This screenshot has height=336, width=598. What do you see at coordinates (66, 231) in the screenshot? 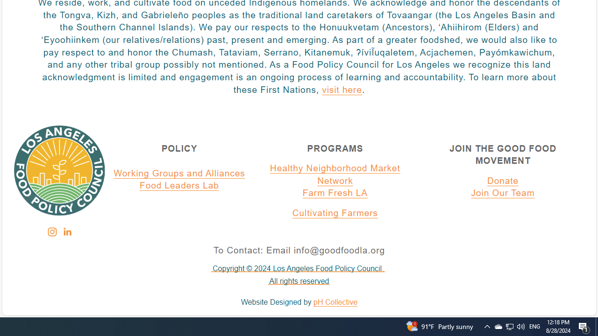
I see `'Class: sqs-svg-icon--social'` at bounding box center [66, 231].